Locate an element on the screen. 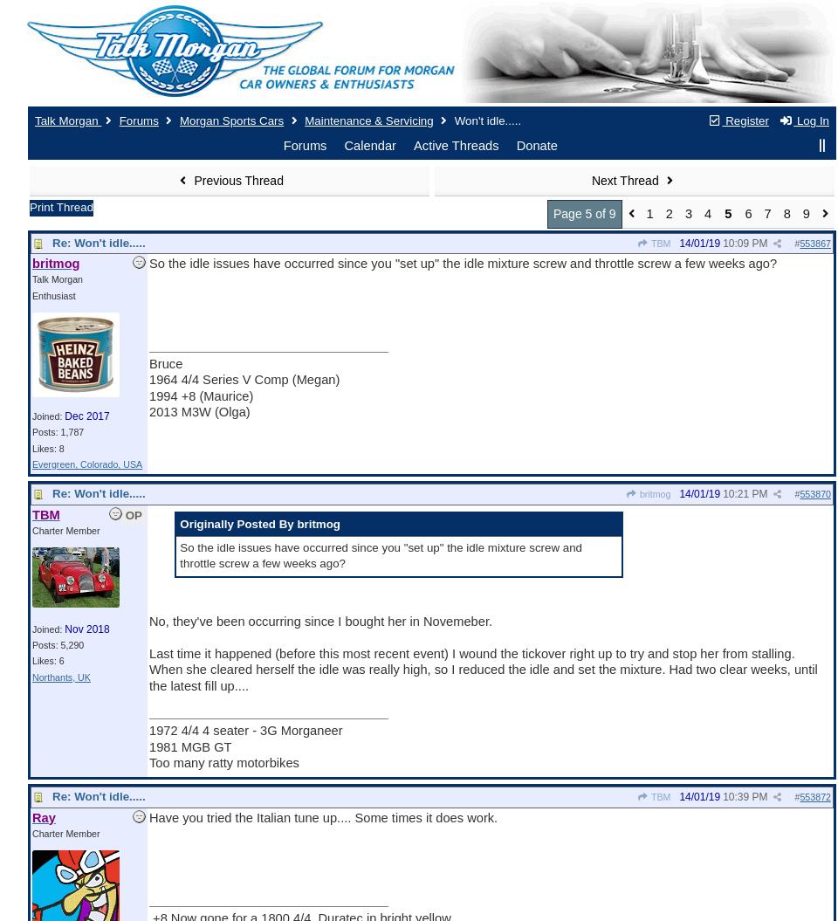 The height and width of the screenshot is (921, 838). 'OP' is located at coordinates (124, 514).